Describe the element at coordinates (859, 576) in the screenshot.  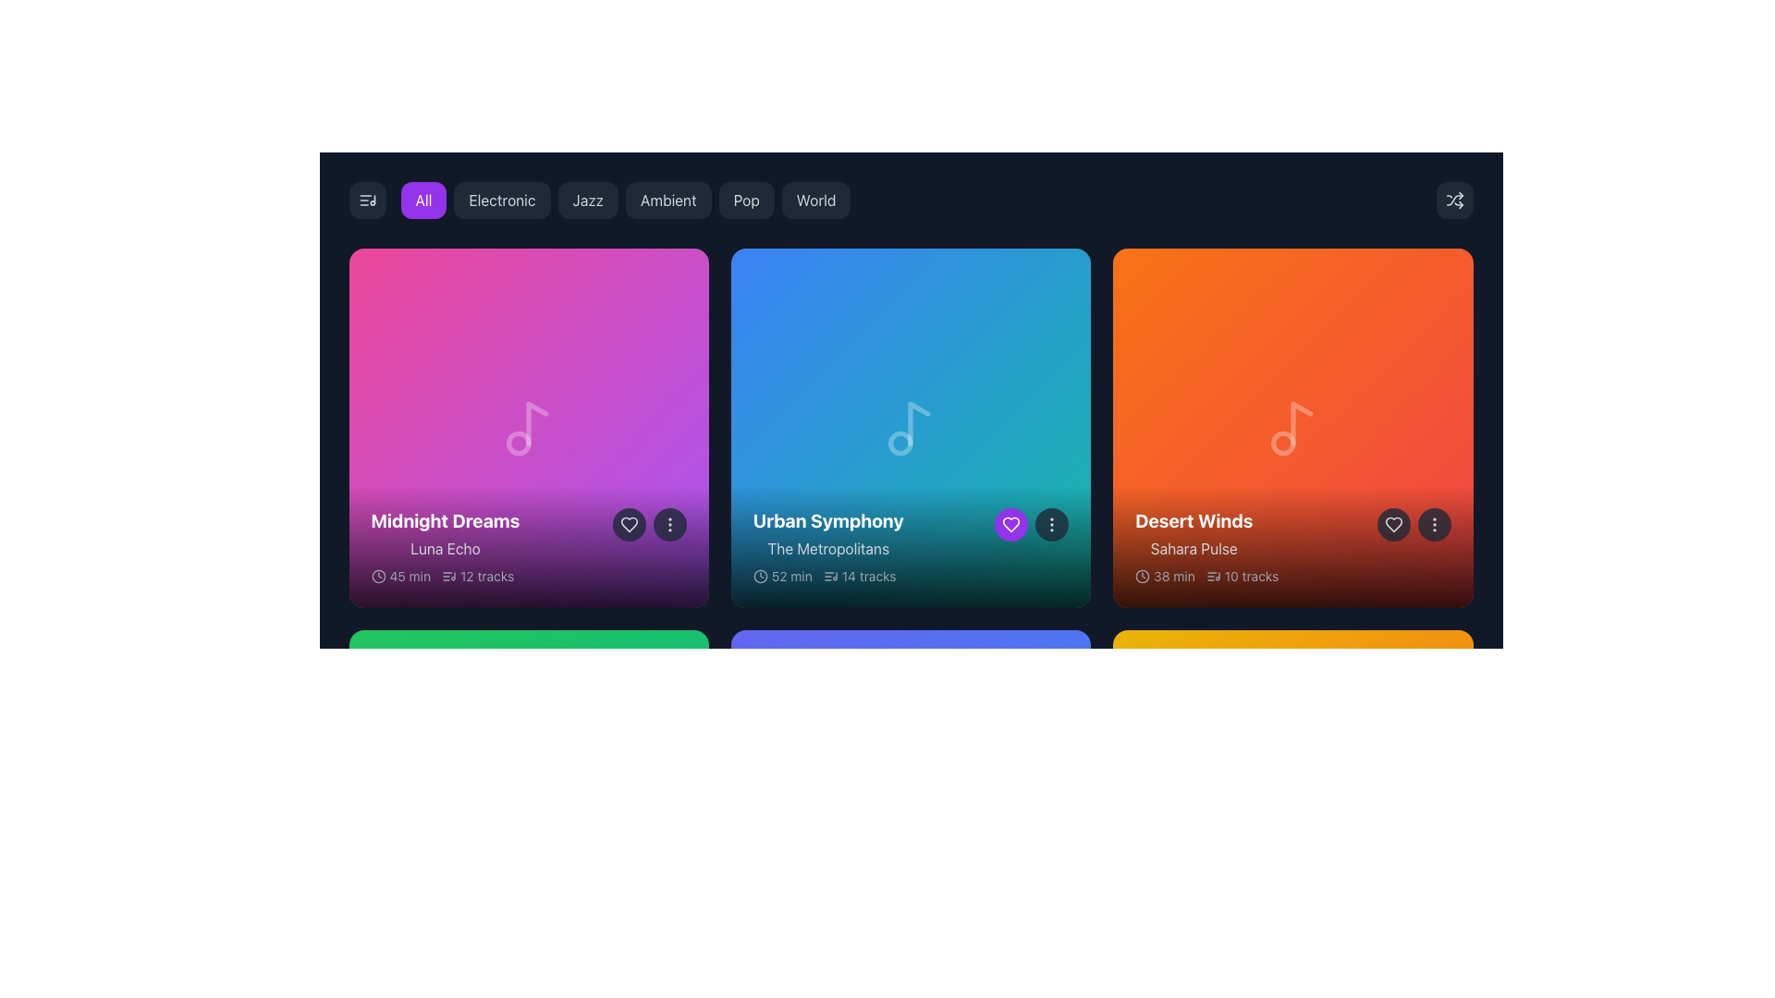
I see `text label indicating the total number of tracks included in the 'Urban Symphony' playlist, located towards the bottom-center of the card displaying the playlist, directly below the title and subtitle, and to the right of the duration icon` at that location.